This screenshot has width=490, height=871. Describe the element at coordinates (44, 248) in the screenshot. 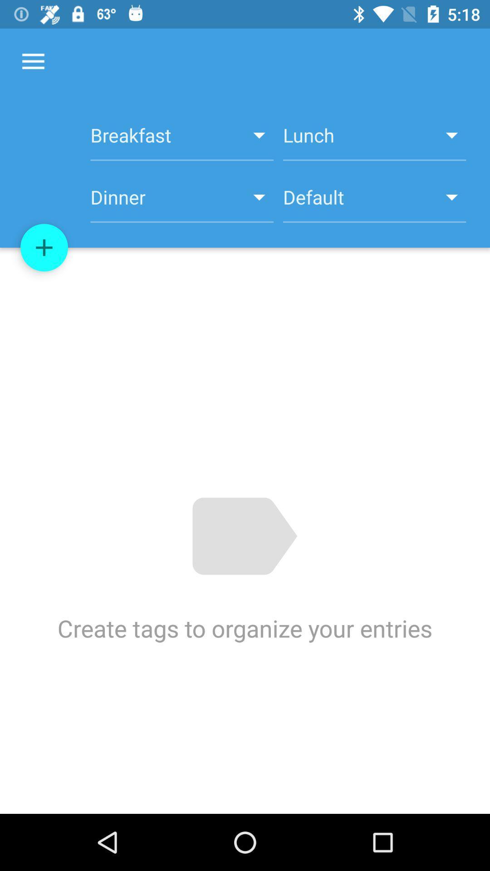

I see `the icon next to the dinner` at that location.